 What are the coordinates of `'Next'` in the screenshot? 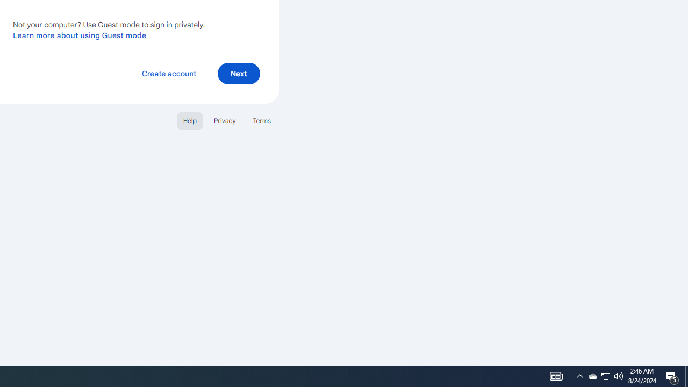 It's located at (238, 73).